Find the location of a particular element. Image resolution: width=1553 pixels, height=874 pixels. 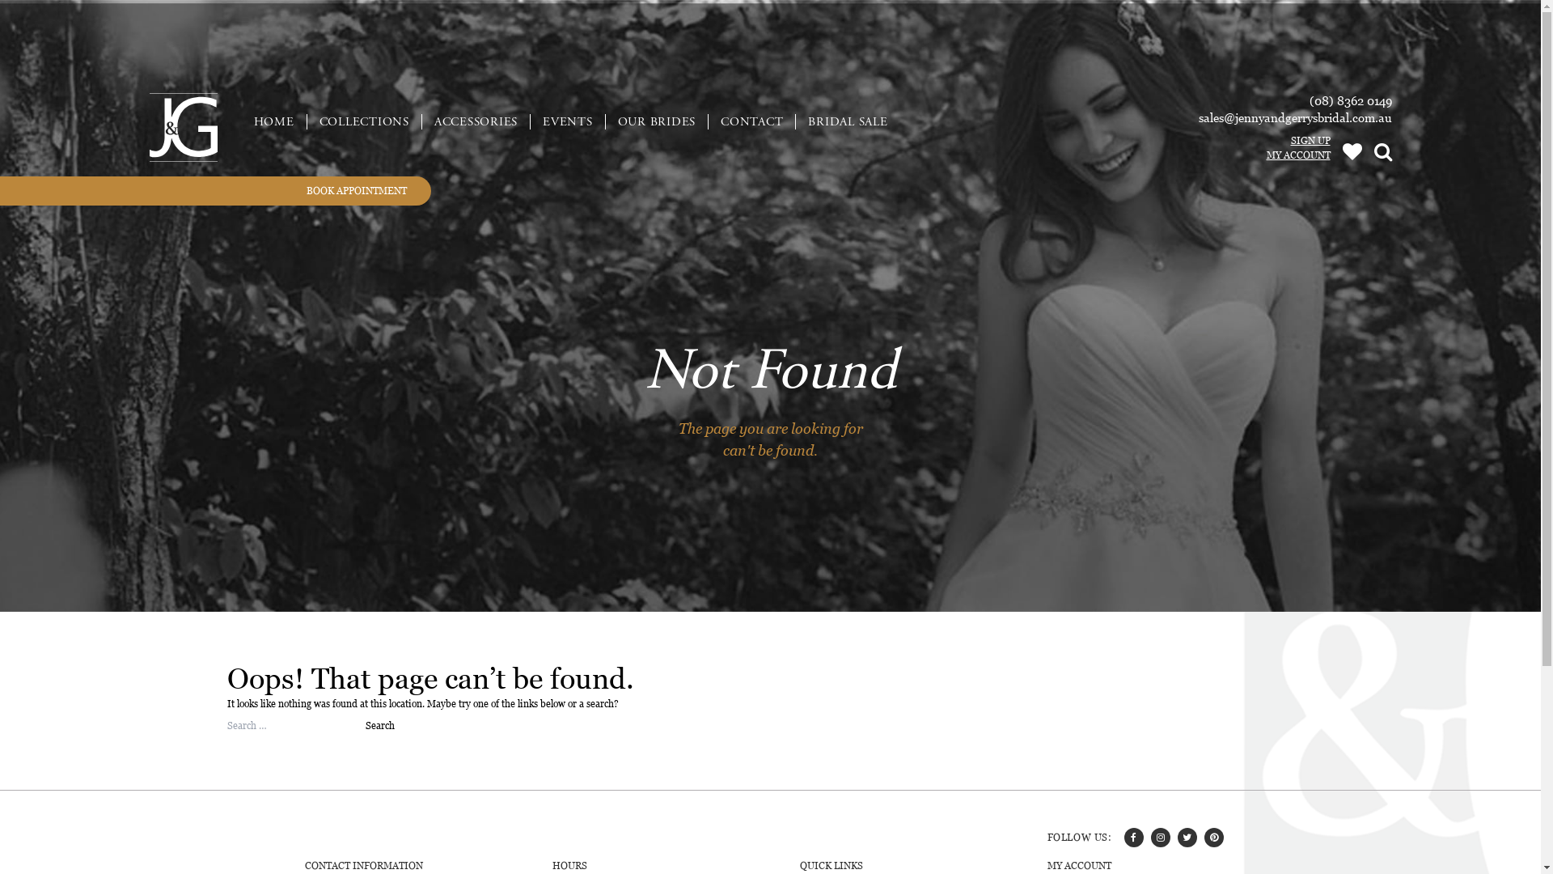

'Search' is located at coordinates (364, 725).